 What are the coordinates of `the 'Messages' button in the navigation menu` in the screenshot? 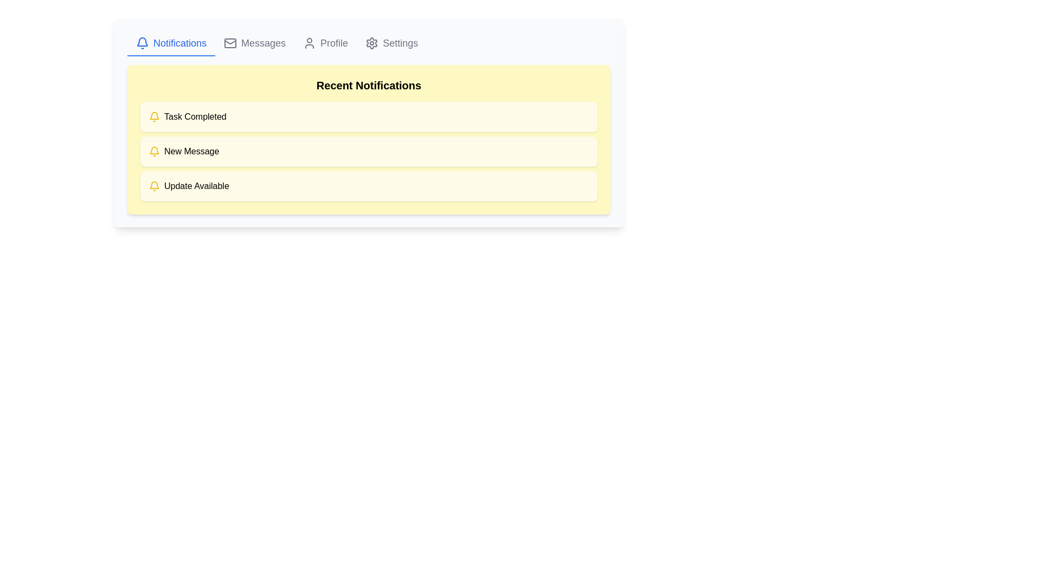 It's located at (254, 43).